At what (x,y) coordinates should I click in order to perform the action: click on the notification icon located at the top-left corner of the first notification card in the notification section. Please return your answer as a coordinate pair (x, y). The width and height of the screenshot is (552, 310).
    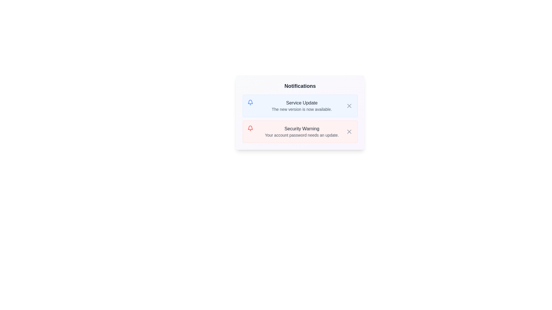
    Looking at the image, I should click on (250, 101).